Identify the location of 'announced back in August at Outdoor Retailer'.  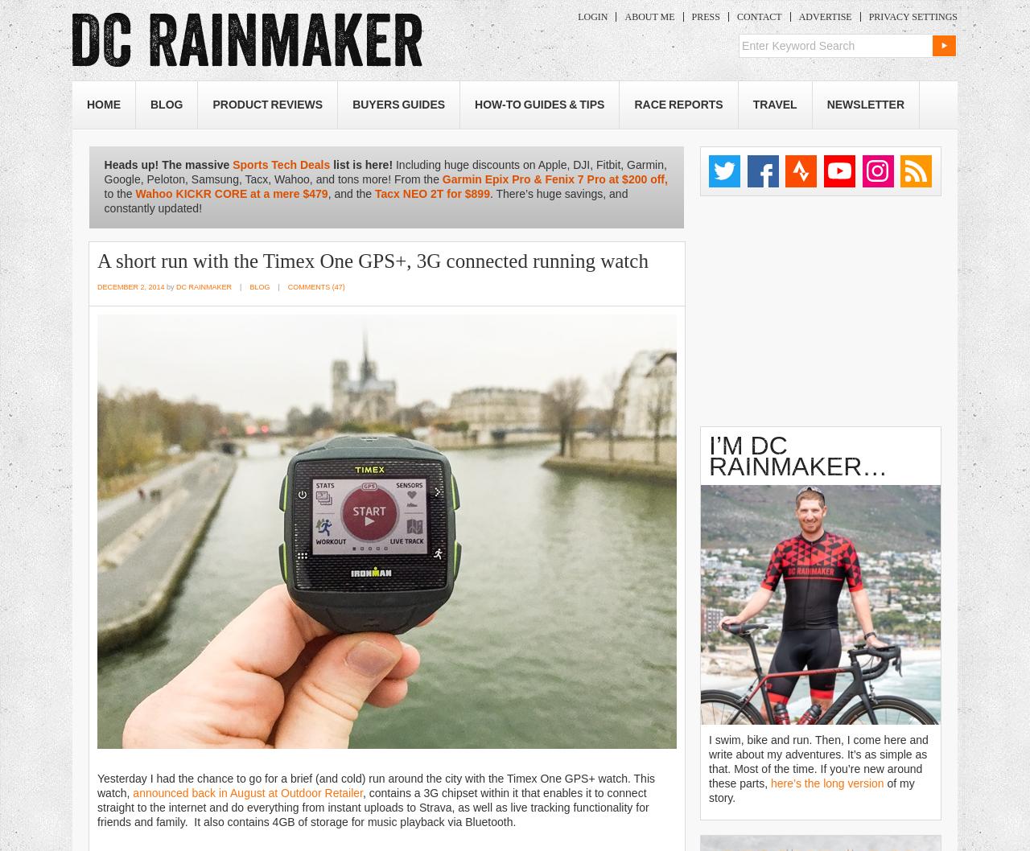
(246, 791).